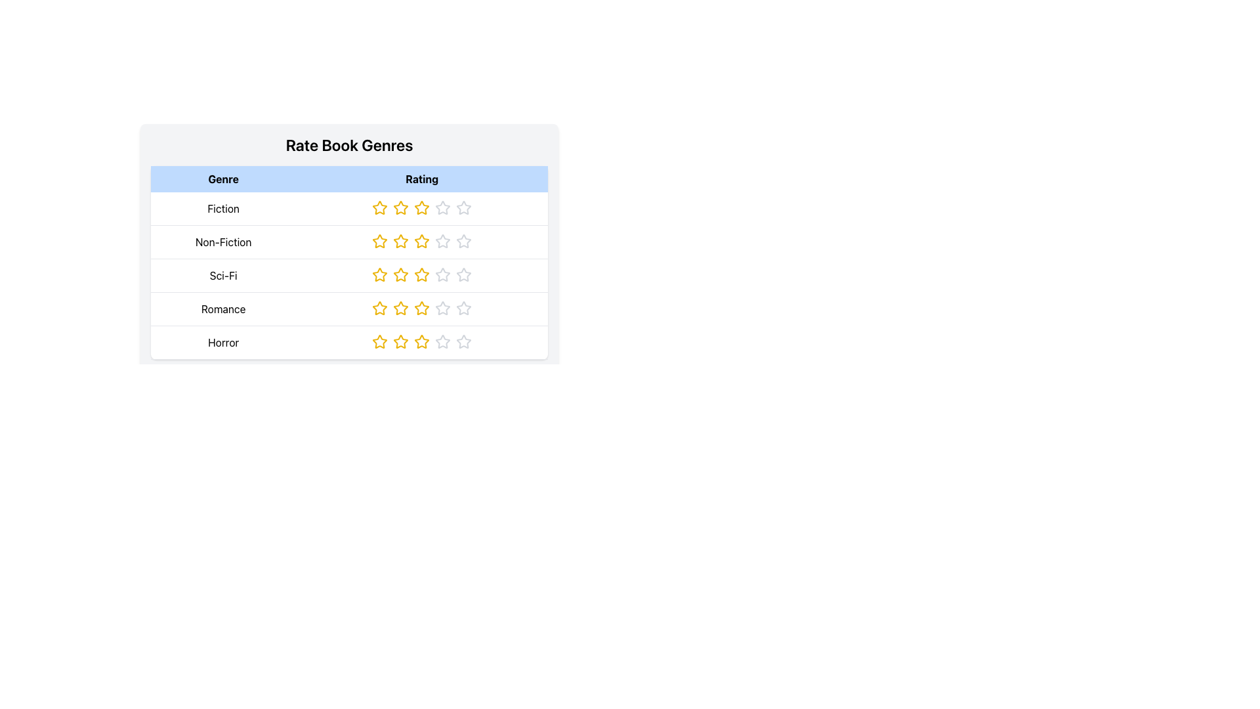  I want to click on the third star in the 'Sci-Fi' genre rating row, so click(400, 274).